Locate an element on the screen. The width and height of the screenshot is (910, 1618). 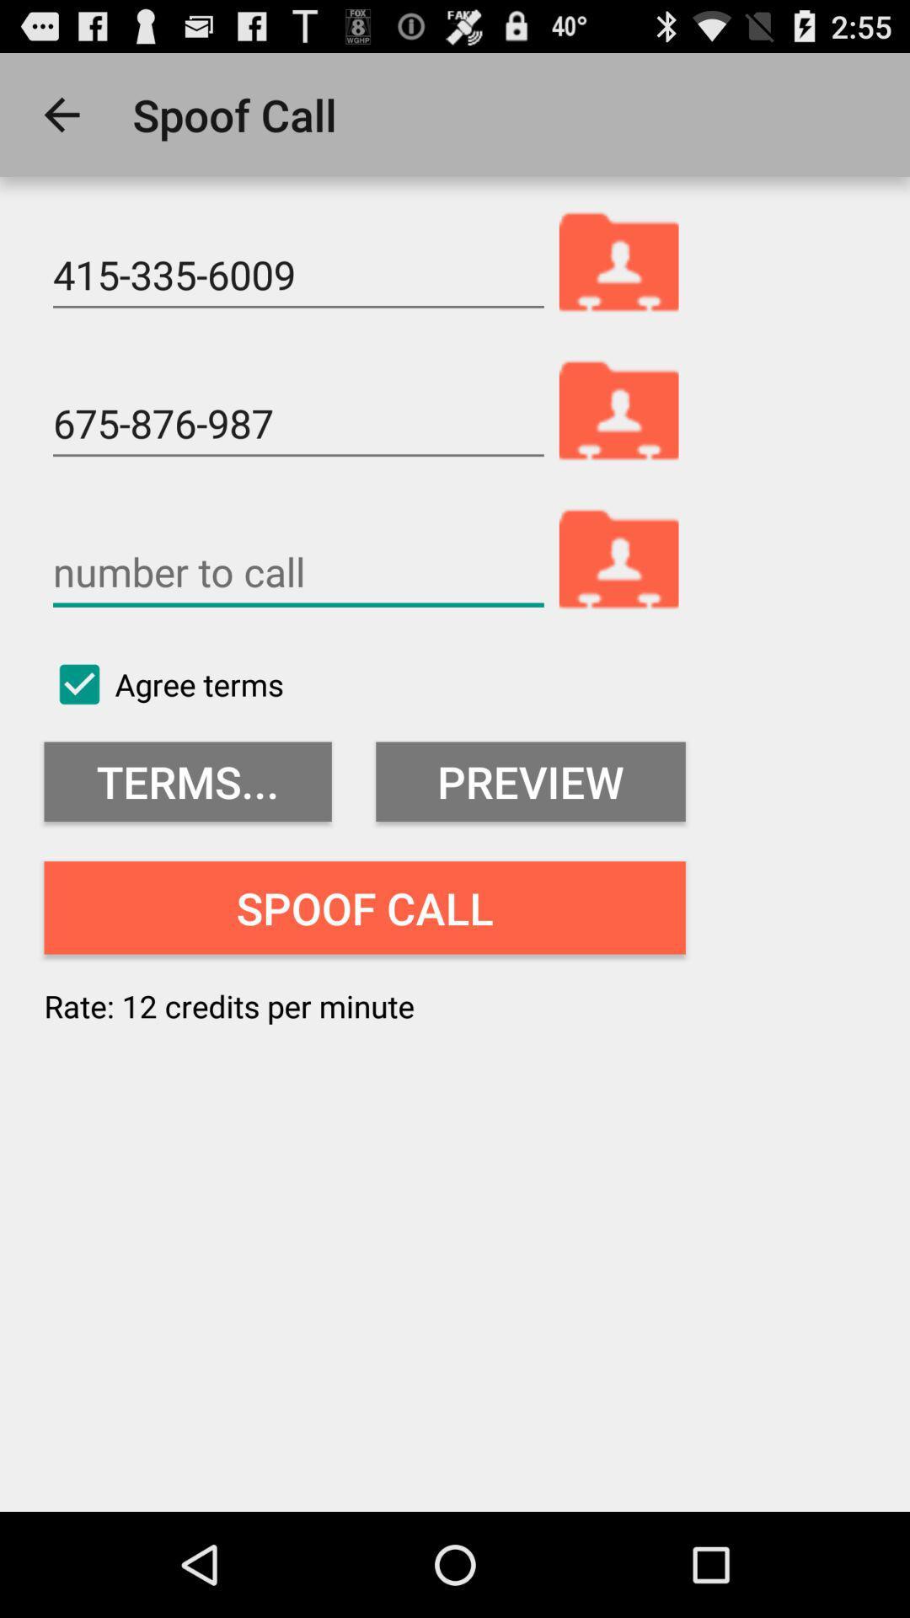
the folder icon is located at coordinates (619, 284).